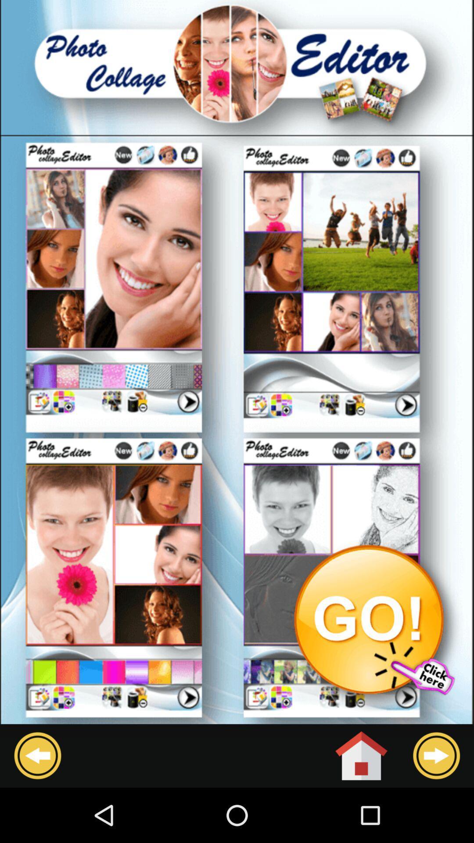 This screenshot has width=474, height=843. I want to click on the home icon, so click(361, 808).